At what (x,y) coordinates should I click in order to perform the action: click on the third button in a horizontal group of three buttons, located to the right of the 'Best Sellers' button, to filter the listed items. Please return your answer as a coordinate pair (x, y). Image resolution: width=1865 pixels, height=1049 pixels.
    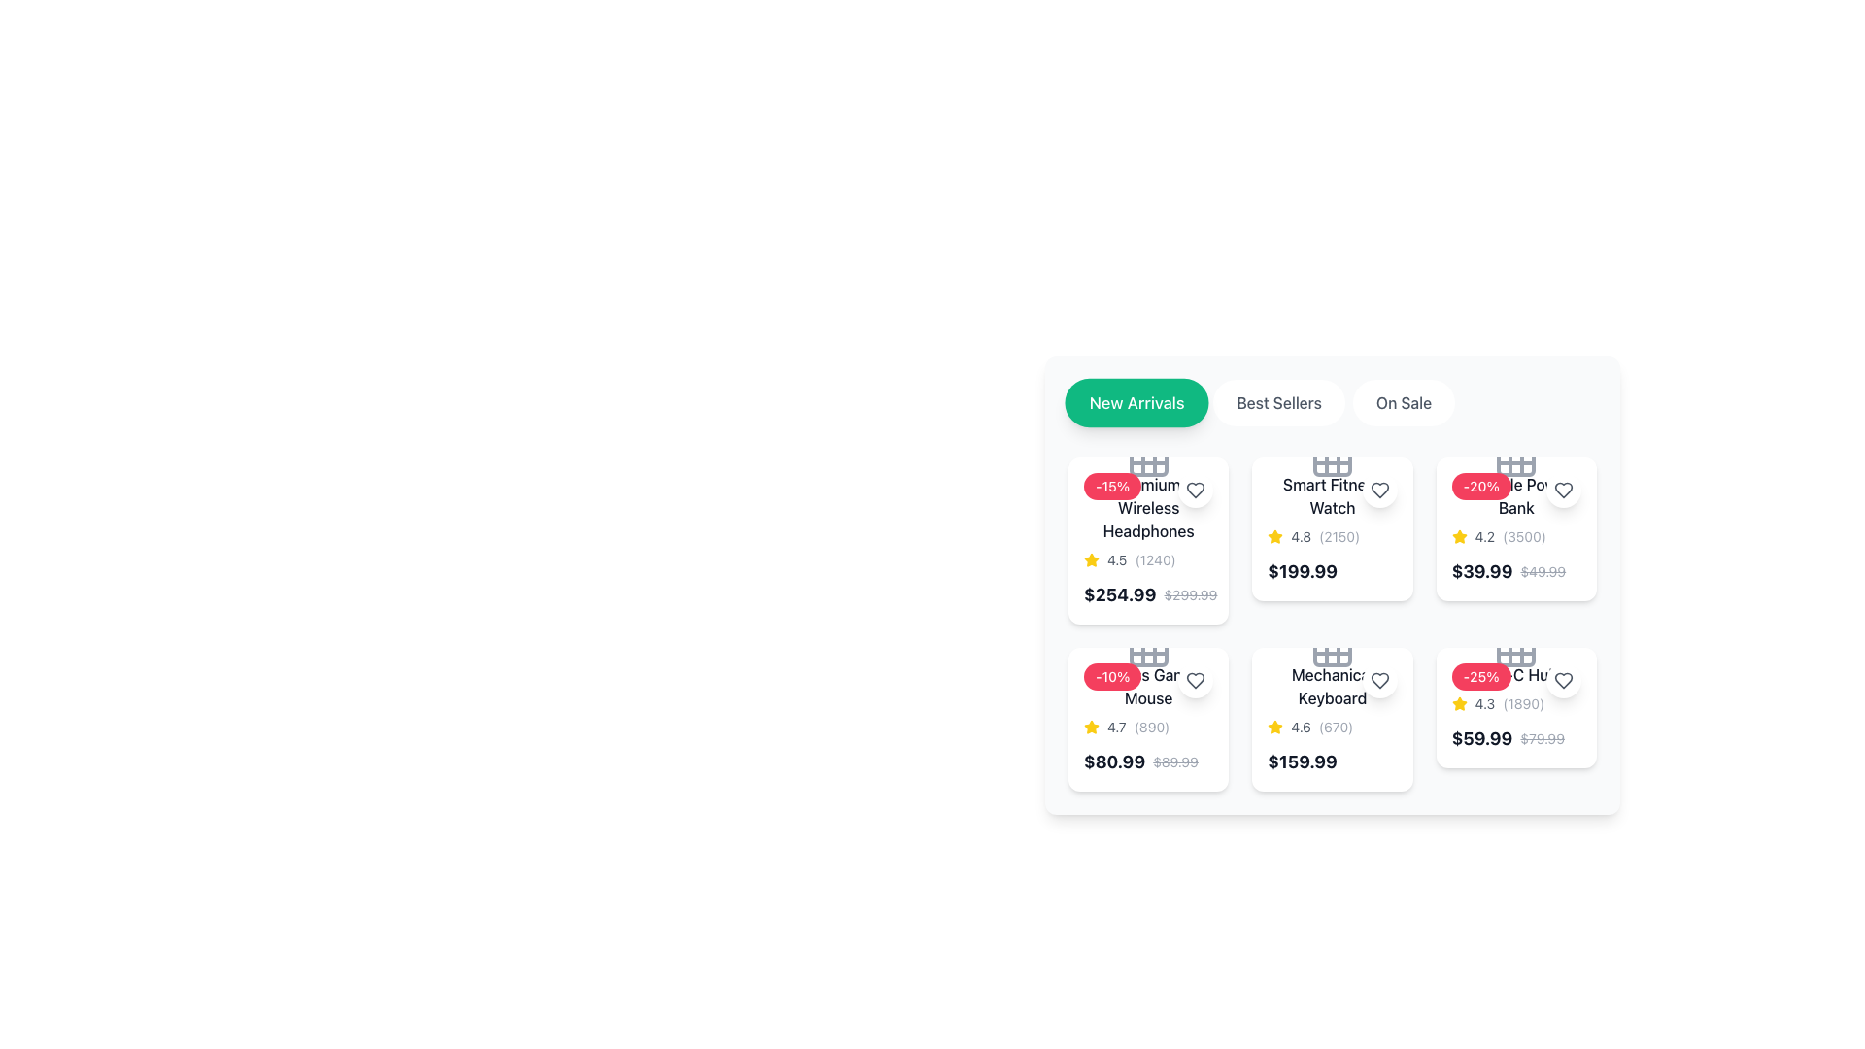
    Looking at the image, I should click on (1404, 402).